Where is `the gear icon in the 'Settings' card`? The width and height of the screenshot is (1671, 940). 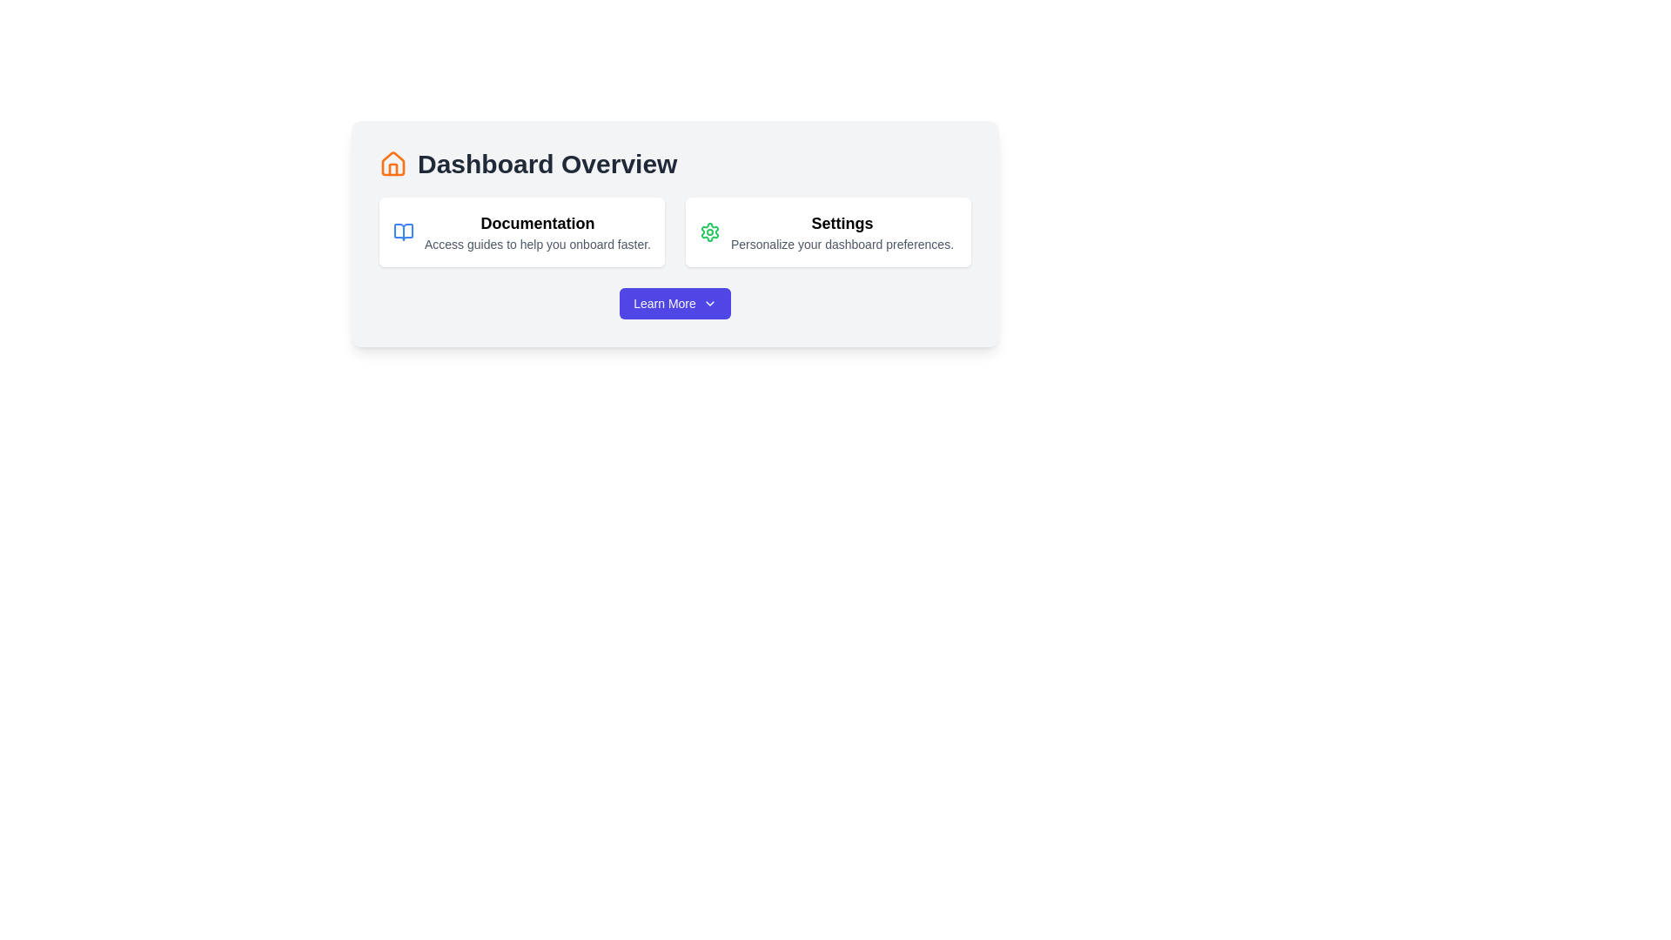
the gear icon in the 'Settings' card is located at coordinates (710, 231).